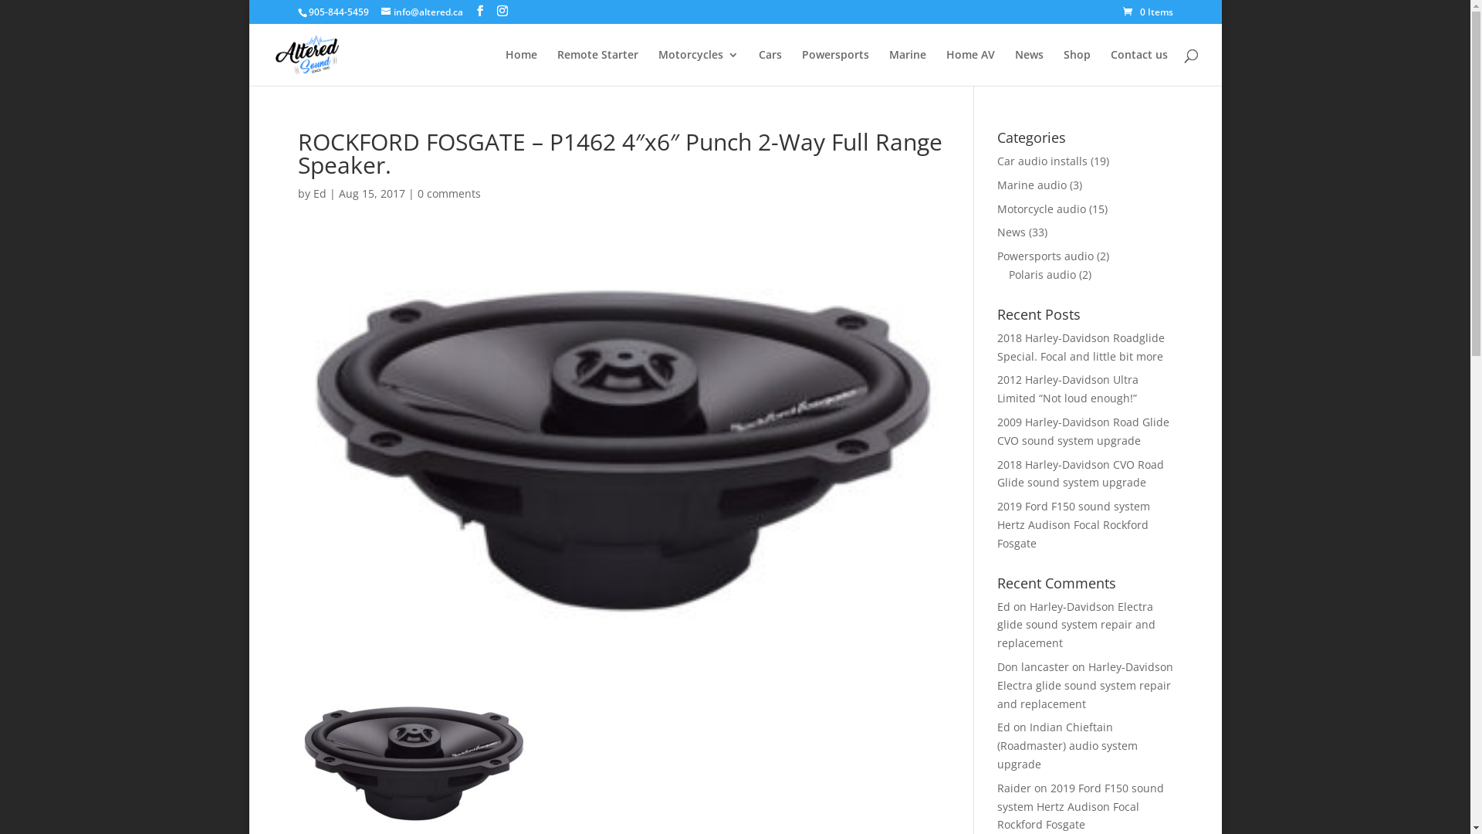 The height and width of the screenshot is (834, 1482). What do you see at coordinates (1041, 273) in the screenshot?
I see `'Polaris audio'` at bounding box center [1041, 273].